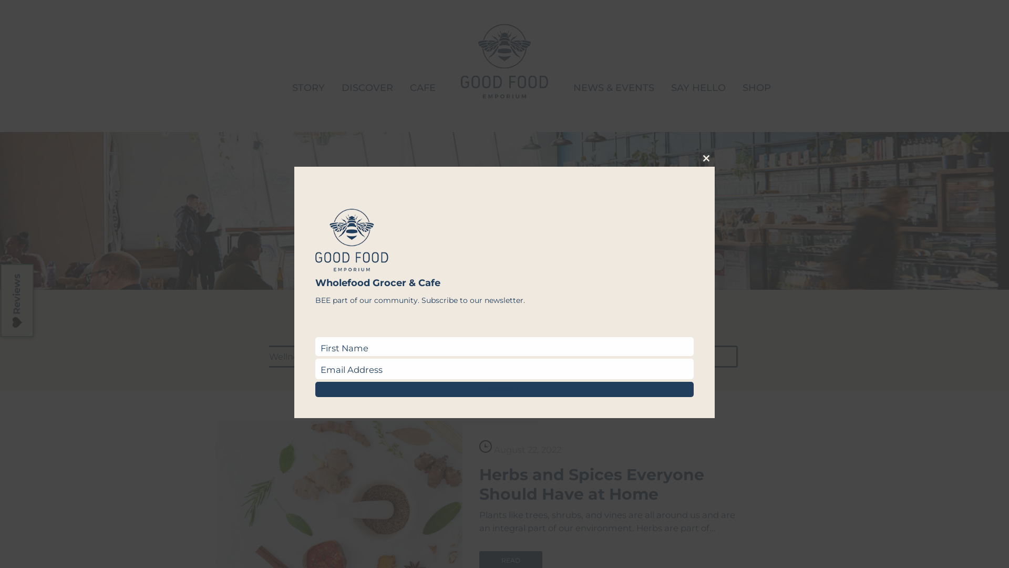  Describe the element at coordinates (367, 87) in the screenshot. I see `'DISCOVER'` at that location.